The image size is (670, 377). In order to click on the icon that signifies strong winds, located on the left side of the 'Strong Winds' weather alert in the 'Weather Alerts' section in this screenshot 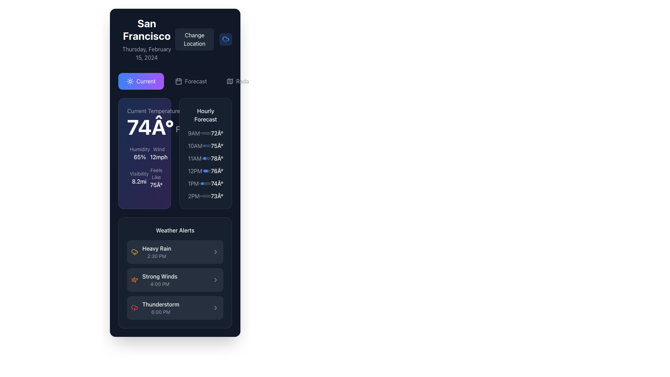, I will do `click(134, 280)`.